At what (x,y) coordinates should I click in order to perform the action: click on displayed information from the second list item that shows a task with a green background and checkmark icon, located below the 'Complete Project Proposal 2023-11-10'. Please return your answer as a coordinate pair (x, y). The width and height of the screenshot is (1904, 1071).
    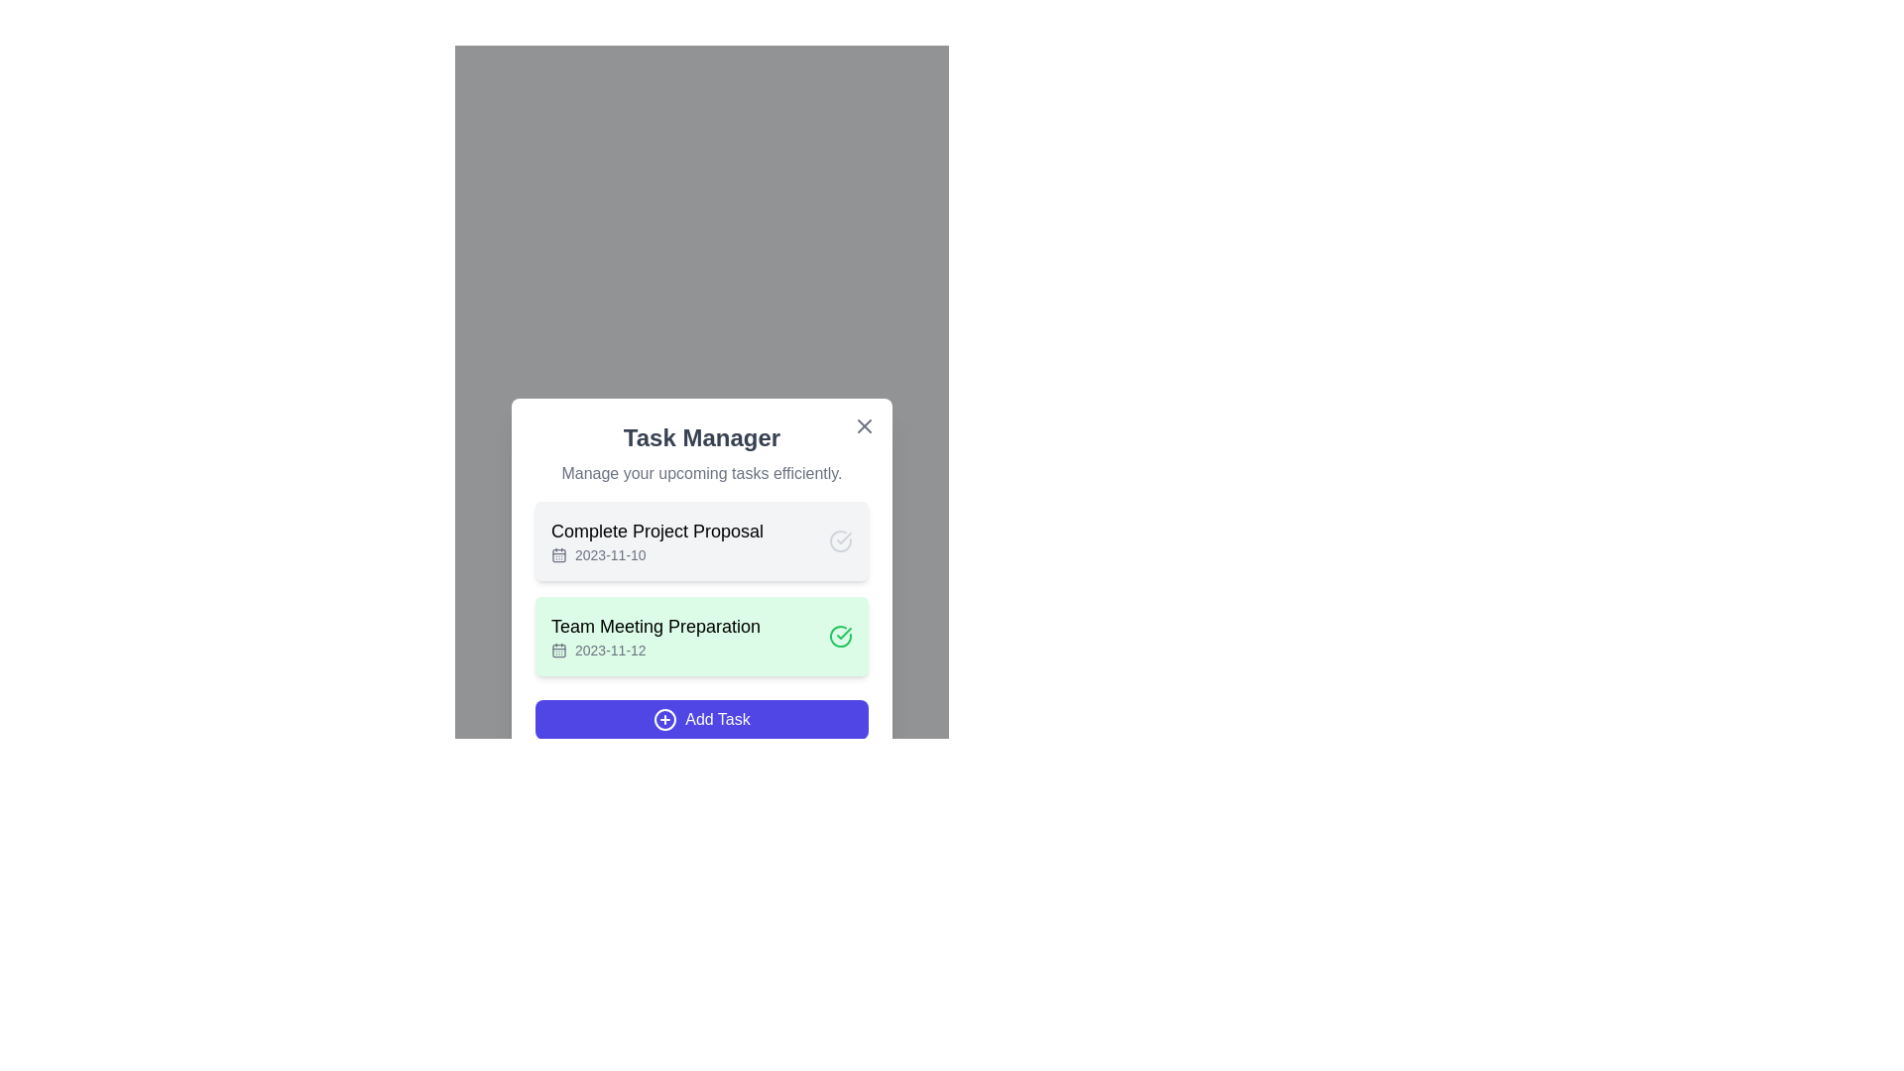
    Looking at the image, I should click on (702, 636).